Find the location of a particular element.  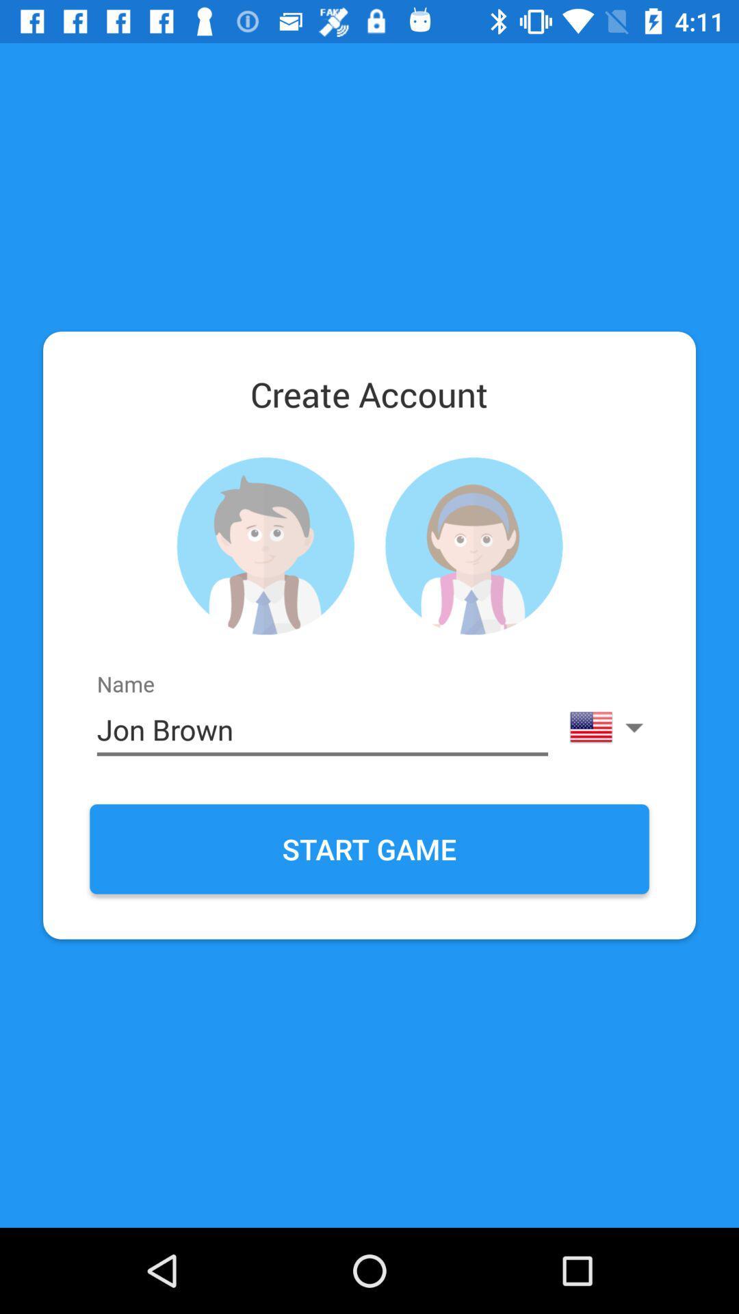

identify as female is located at coordinates (473, 545).